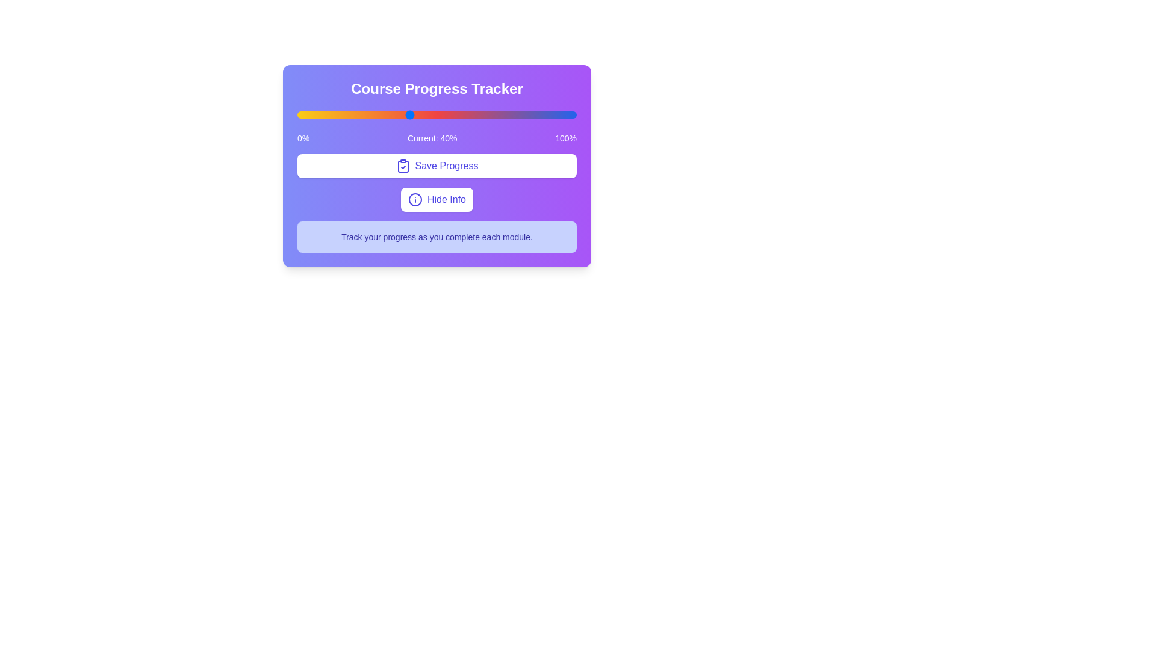 Image resolution: width=1156 pixels, height=650 pixels. I want to click on the progress indicator text label that displays the current percentage of a process, positioned above the 'Save Progress' and 'Hide Info' buttons, so click(432, 138).